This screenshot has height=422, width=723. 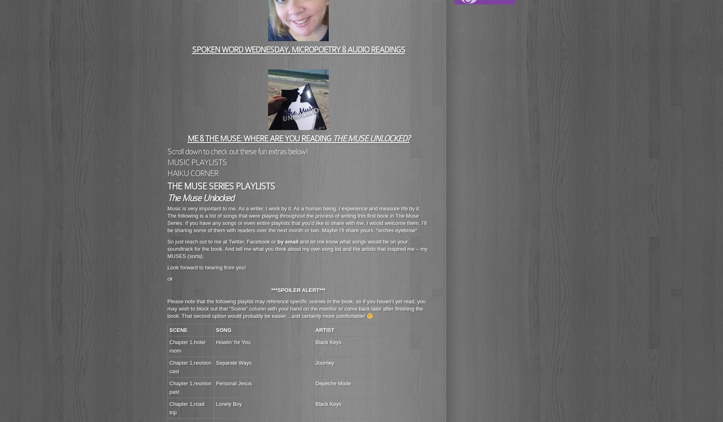 I want to click on 'ME & THE MUSE: WHERE ARE YOU READING', so click(x=260, y=138).